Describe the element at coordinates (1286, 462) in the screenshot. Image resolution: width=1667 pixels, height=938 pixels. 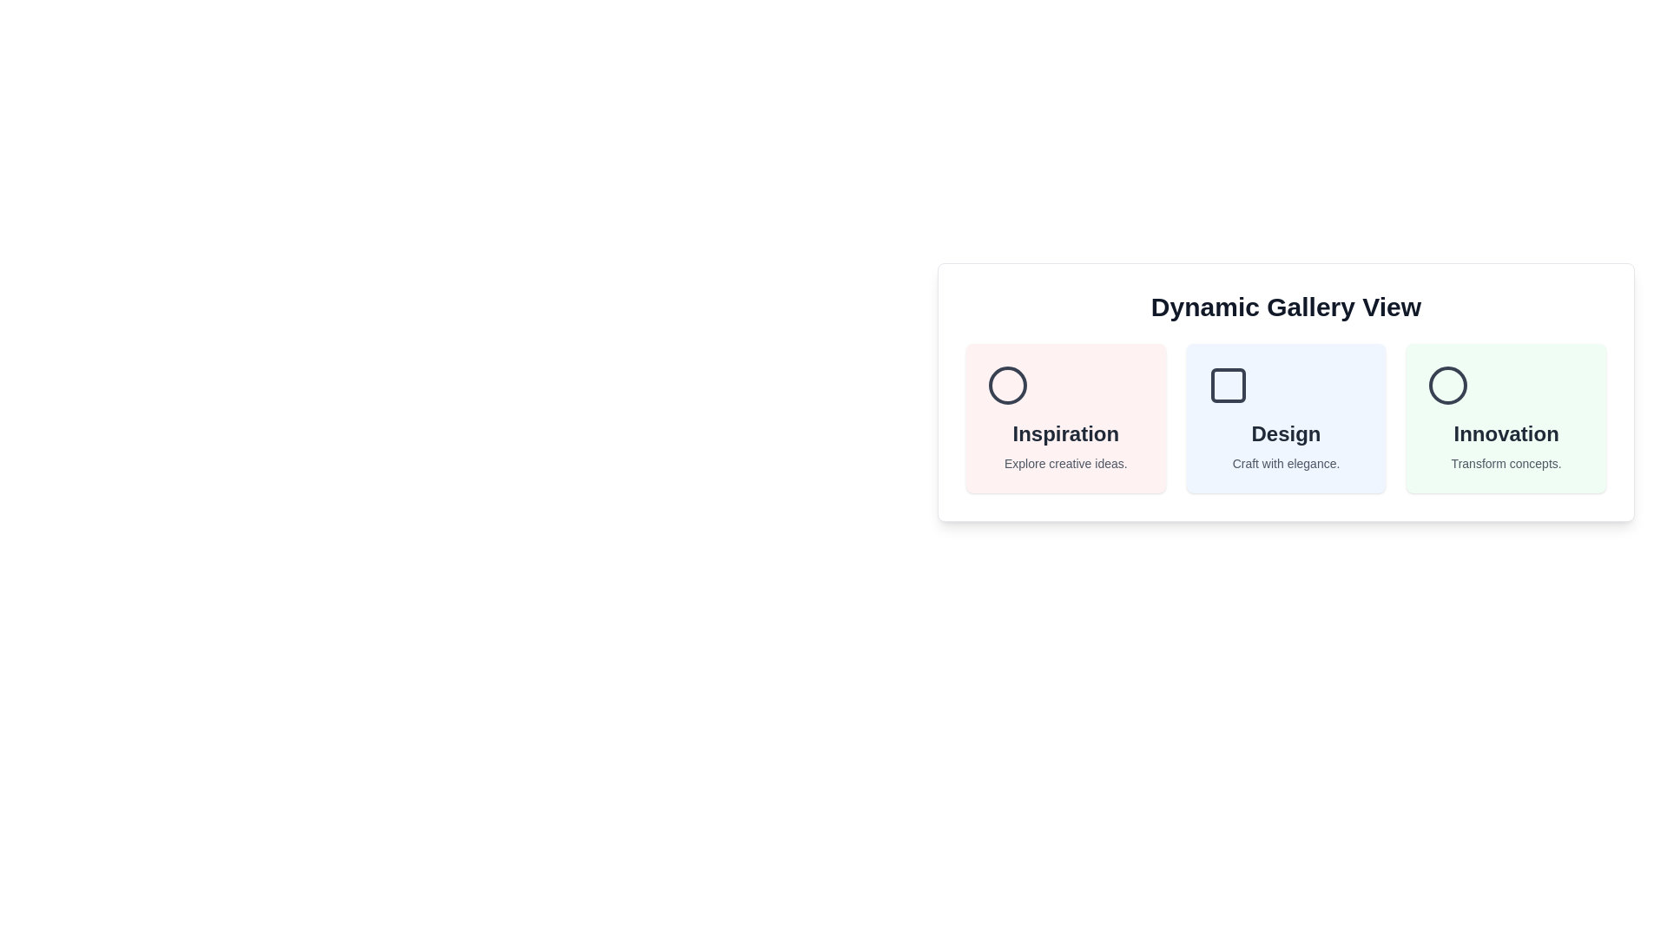
I see `the static text element that provides additional context for the 'Design' category, located beneath the 'Design' heading and within the blue box` at that location.